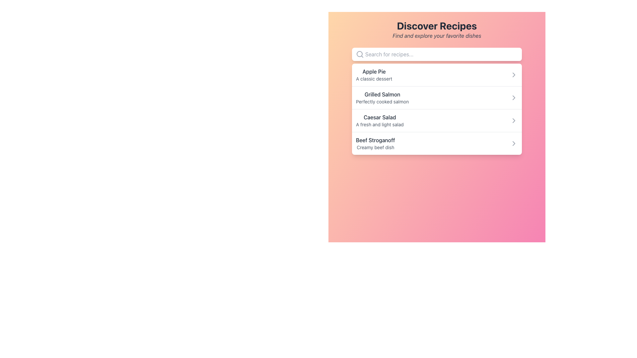 The height and width of the screenshot is (358, 637). Describe the element at coordinates (375, 147) in the screenshot. I see `the text label providing a brief description of 'Beef Stroganoff', located in the fourth list item of the recipe list, directly beneath its title` at that location.